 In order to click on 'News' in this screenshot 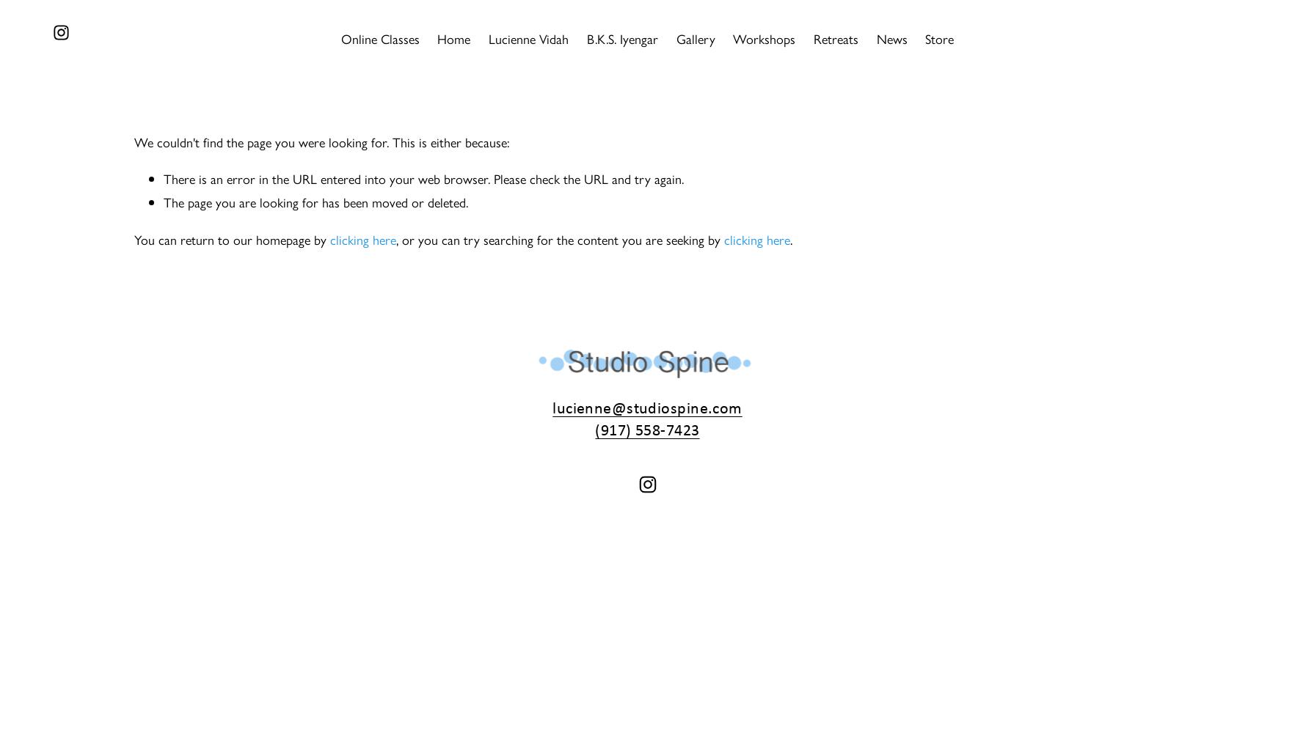, I will do `click(891, 38)`.